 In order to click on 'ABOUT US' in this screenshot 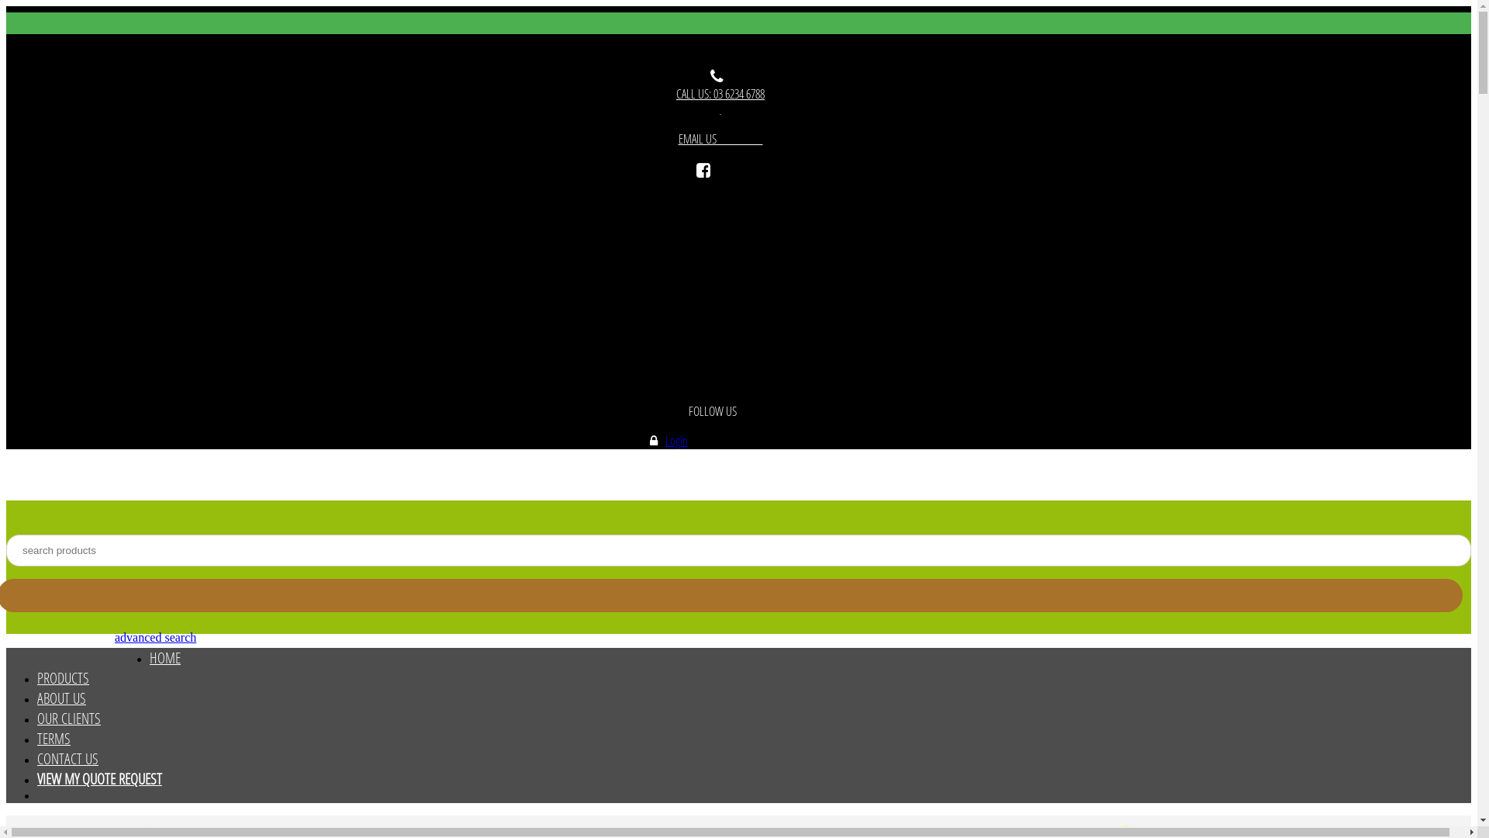, I will do `click(61, 697)`.